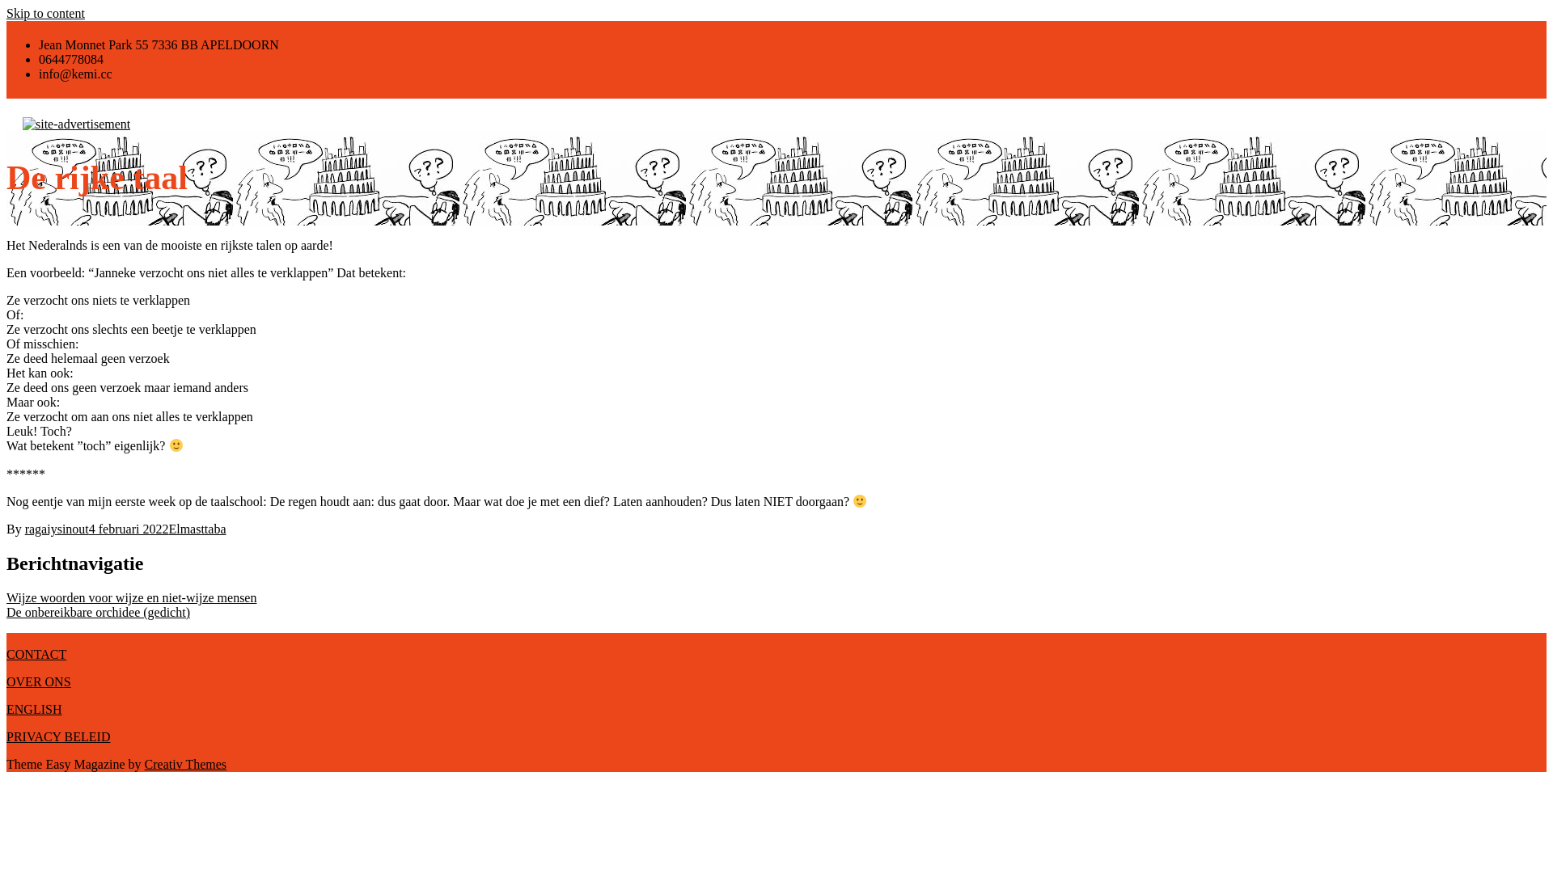  I want to click on 'Elmasttaba', so click(167, 529).